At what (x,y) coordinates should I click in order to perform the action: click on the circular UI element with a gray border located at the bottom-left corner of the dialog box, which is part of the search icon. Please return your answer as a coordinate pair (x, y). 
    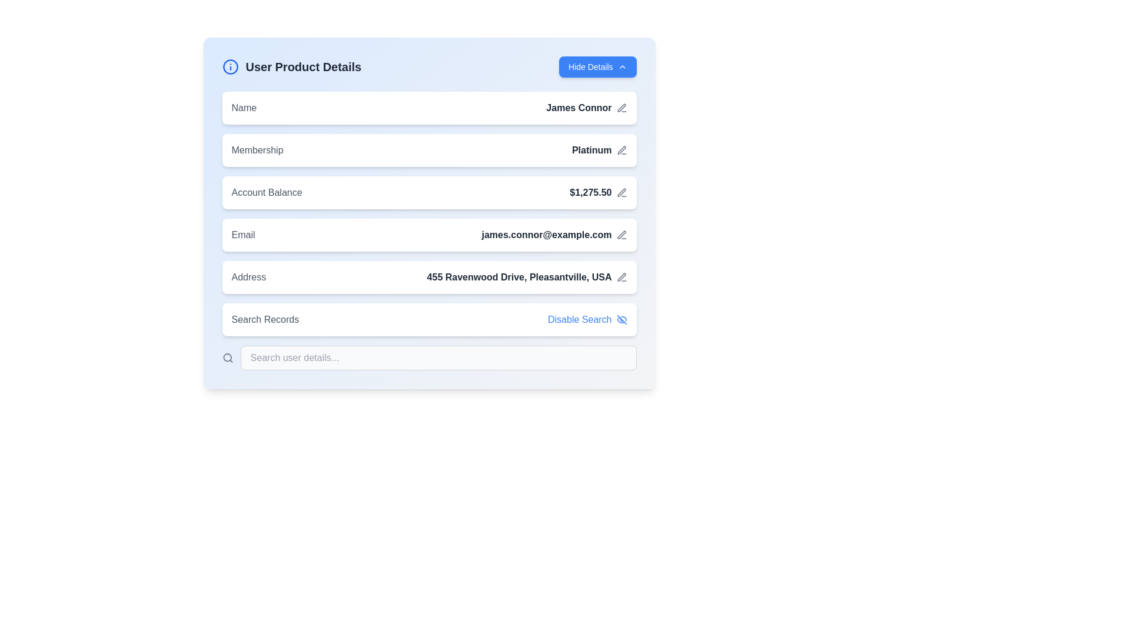
    Looking at the image, I should click on (227, 357).